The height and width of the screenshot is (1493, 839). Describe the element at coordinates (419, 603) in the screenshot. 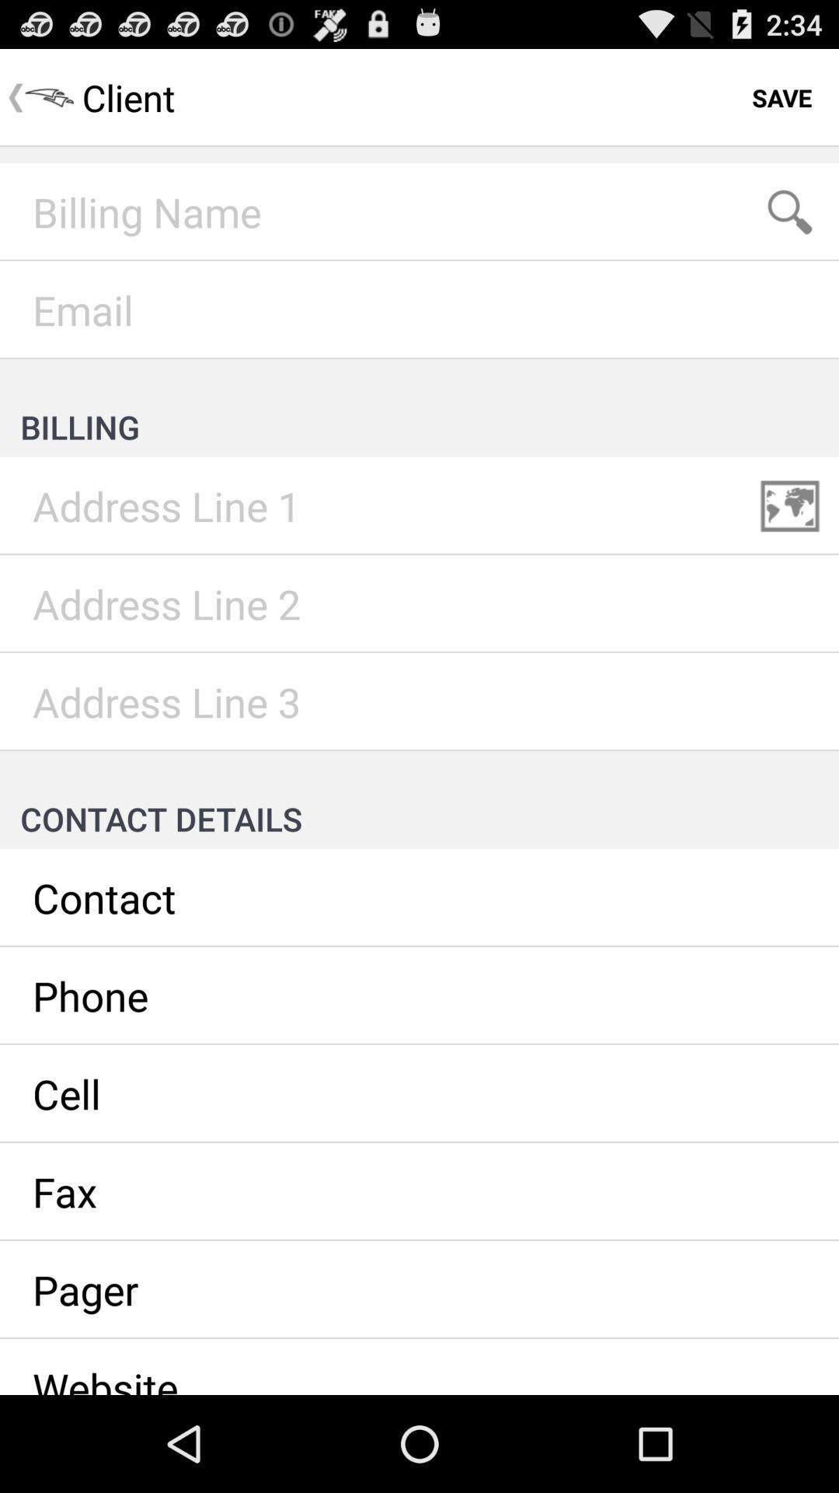

I see `address line 2` at that location.